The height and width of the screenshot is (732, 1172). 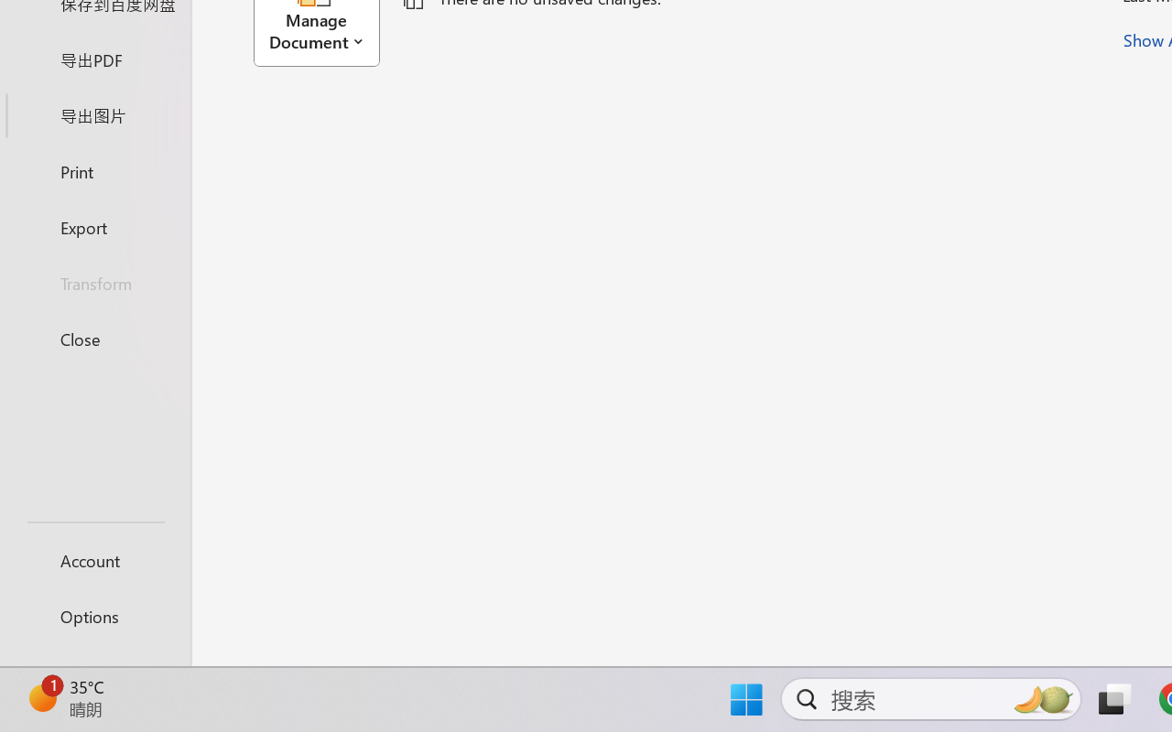 What do you see at coordinates (94, 616) in the screenshot?
I see `'Options'` at bounding box center [94, 616].